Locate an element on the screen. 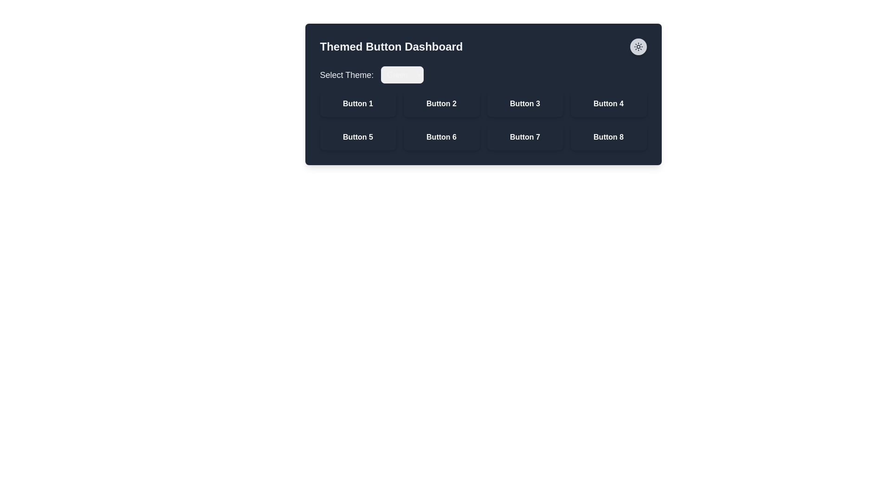 This screenshot has width=891, height=501. the rounded rectangular button labeled 'Button 3' which has a green background and bold white text is located at coordinates (525, 103).